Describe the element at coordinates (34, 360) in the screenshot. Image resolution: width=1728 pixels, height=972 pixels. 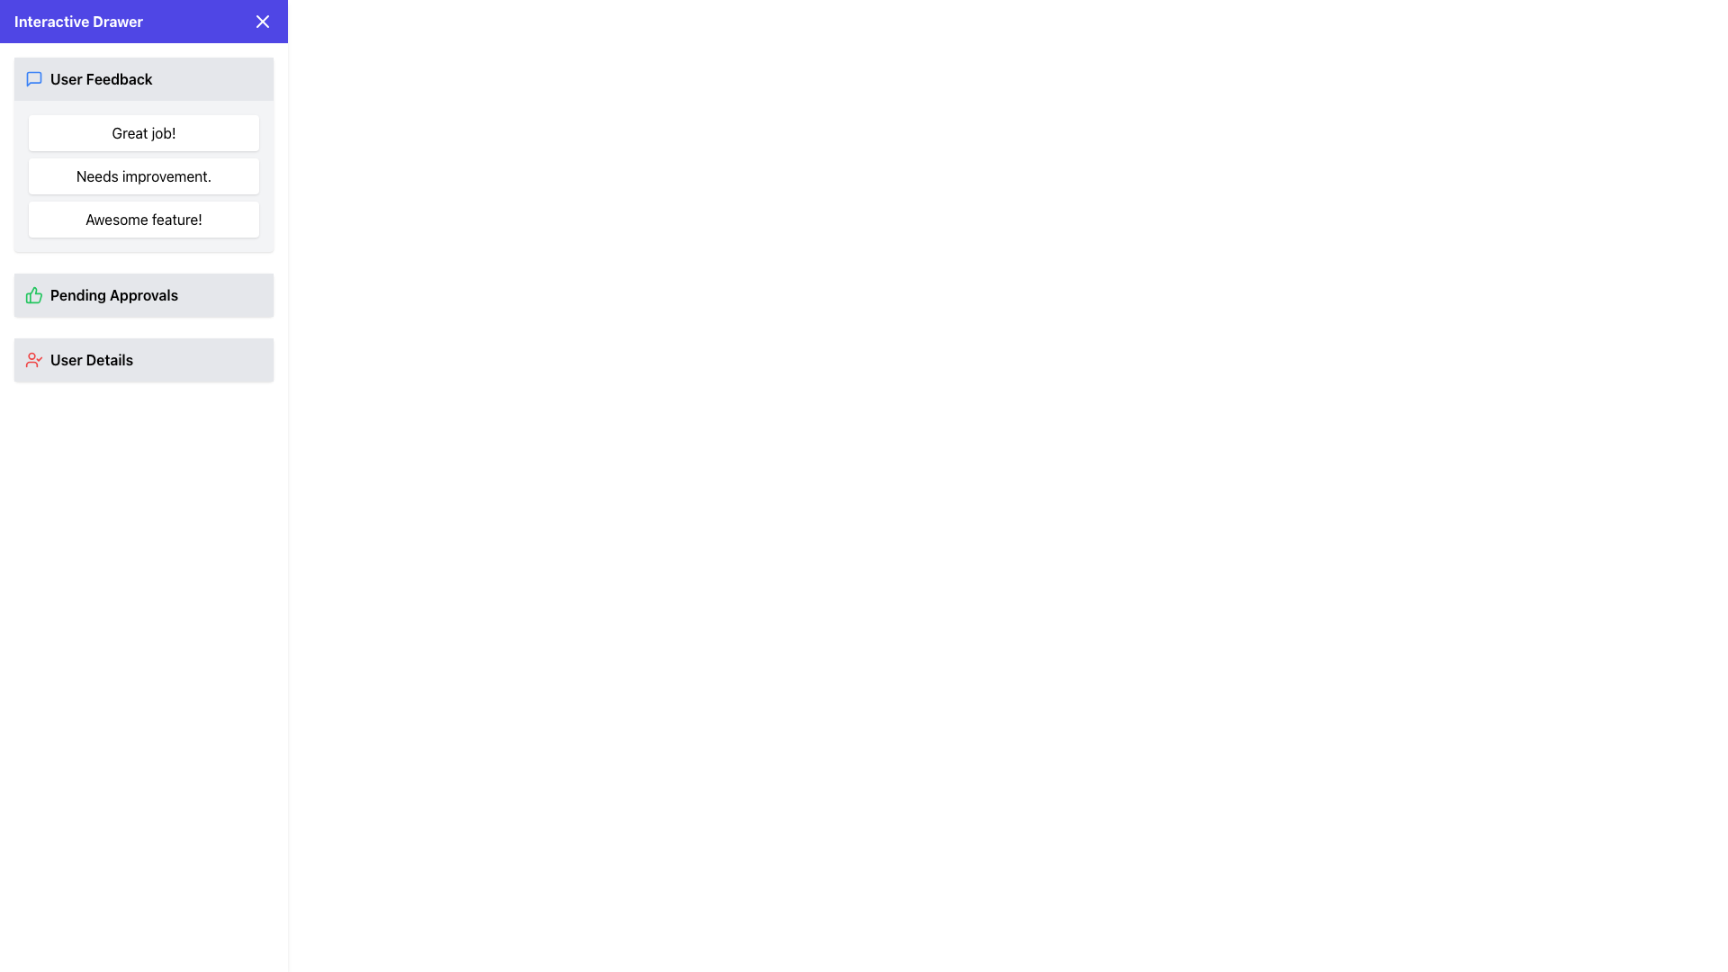
I see `the red checkmark icon indicating user-related information located in the bottom-left section of the visible panel, to the left of the 'User Details' text` at that location.